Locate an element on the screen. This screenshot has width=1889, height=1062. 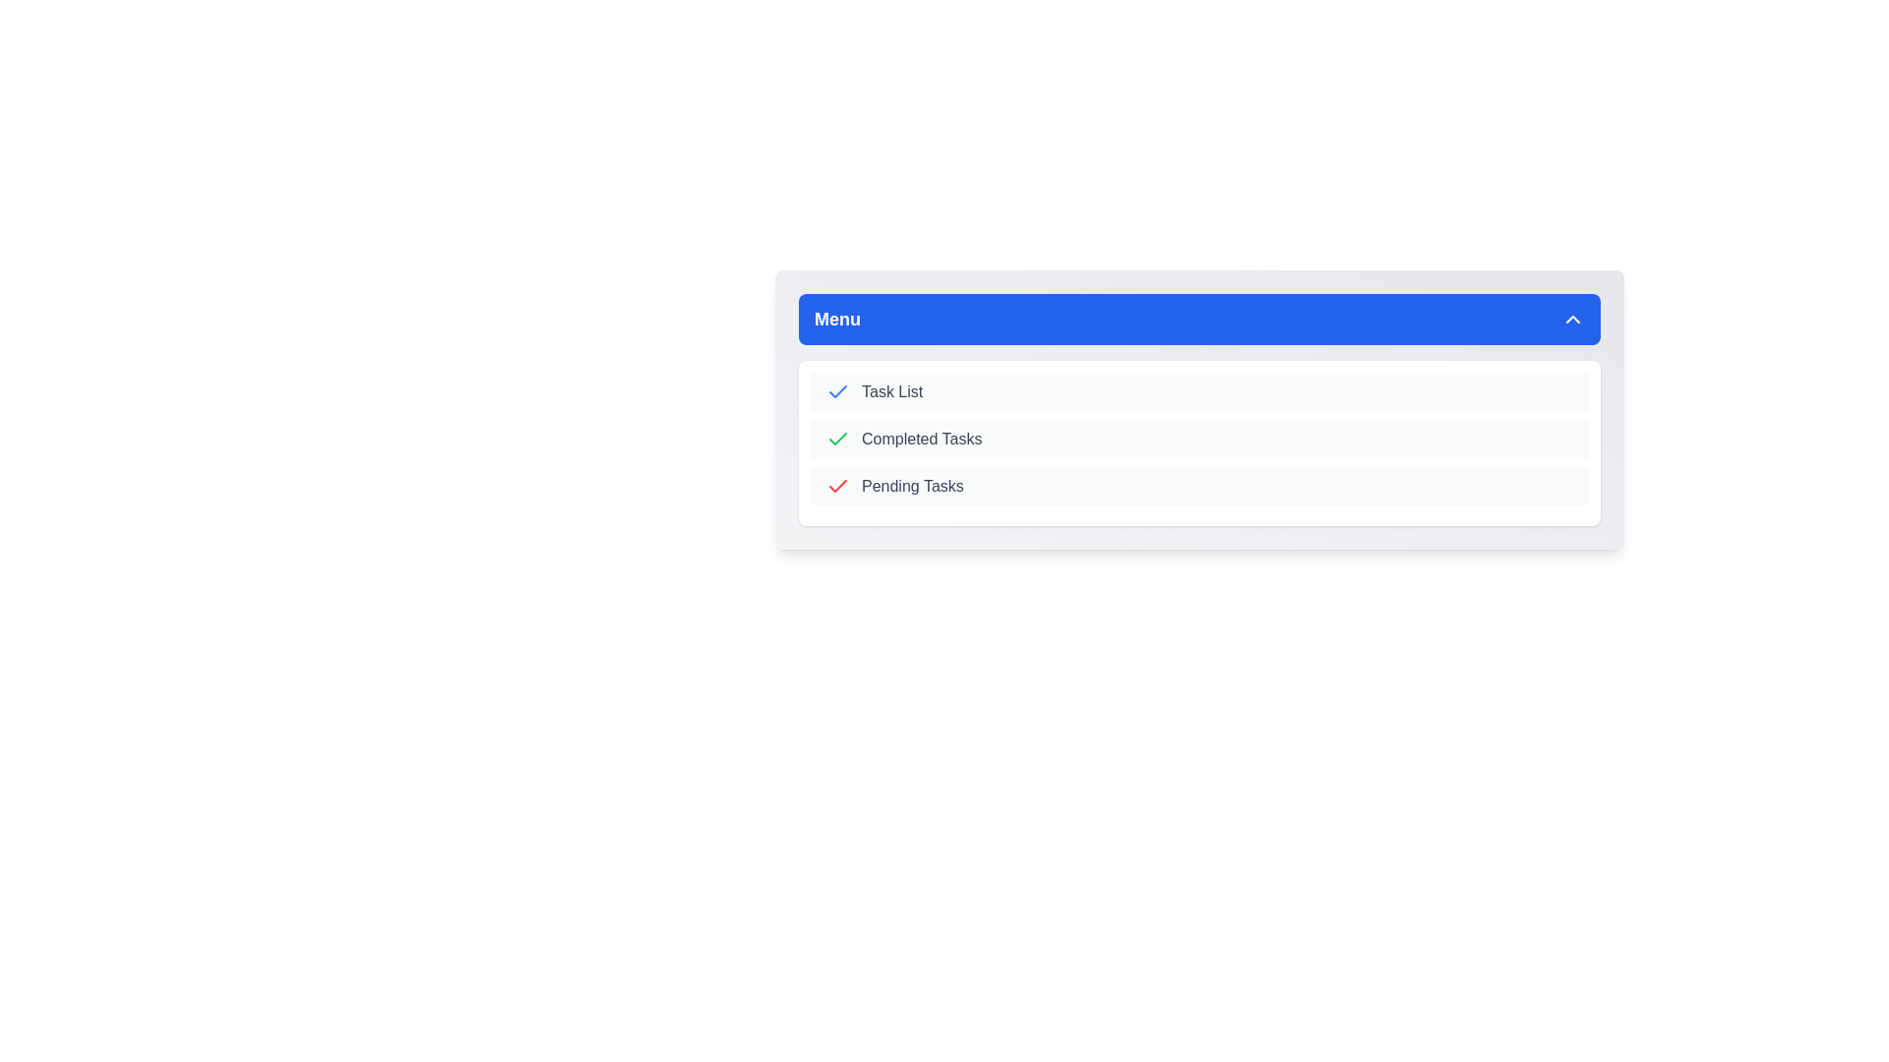
the 'Menu' text label, which serves as a section header for the dropdown menu, located on the left side of a horizontal blue bar at the top of a white card-like element is located at coordinates (837, 318).